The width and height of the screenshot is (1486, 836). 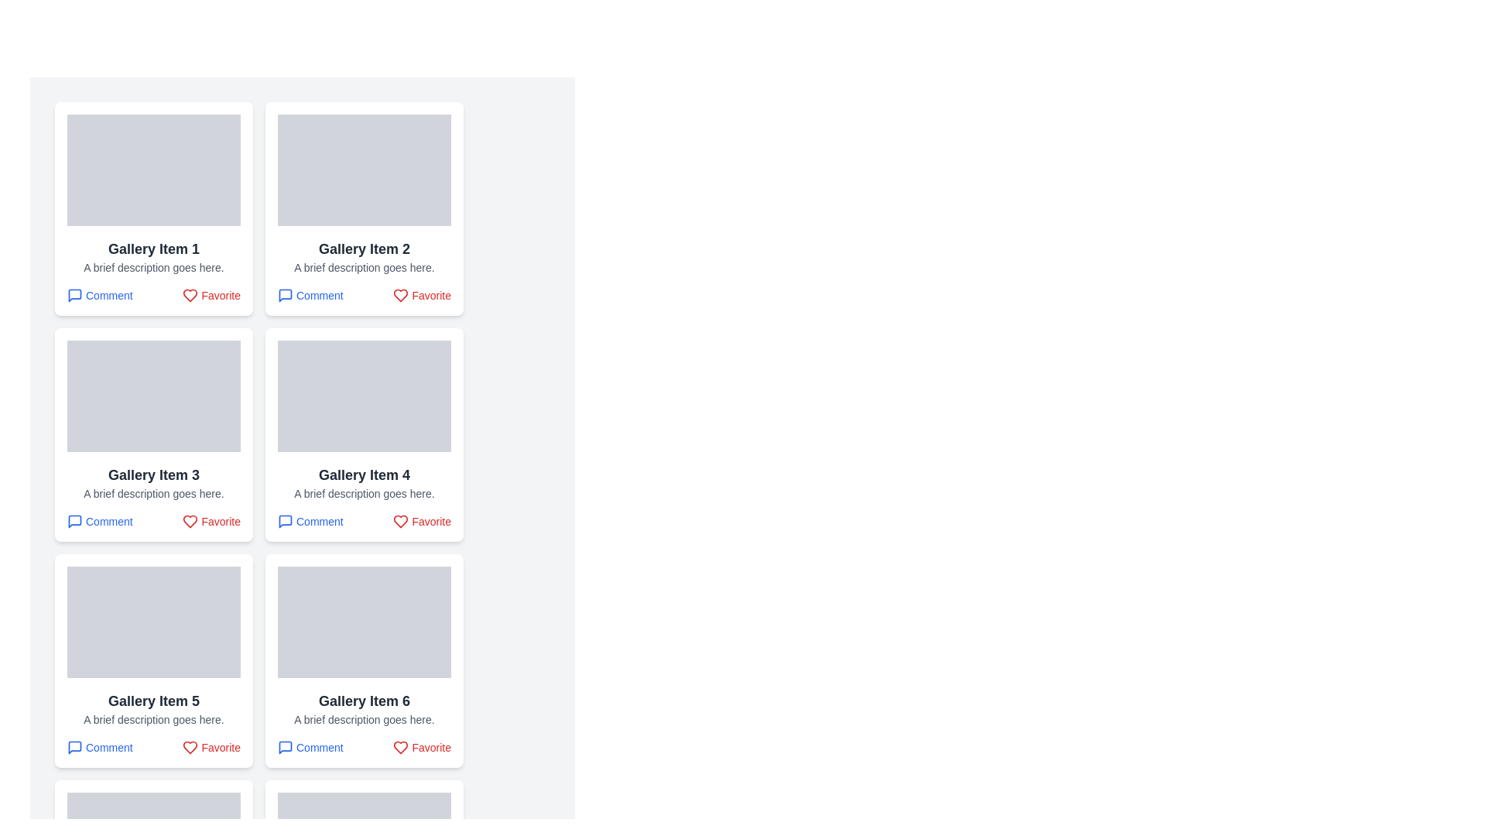 I want to click on the 'Comment' button located at the bottom-left of 'Gallery Item 2', which features a blue text label and a message box icon, so click(x=310, y=295).